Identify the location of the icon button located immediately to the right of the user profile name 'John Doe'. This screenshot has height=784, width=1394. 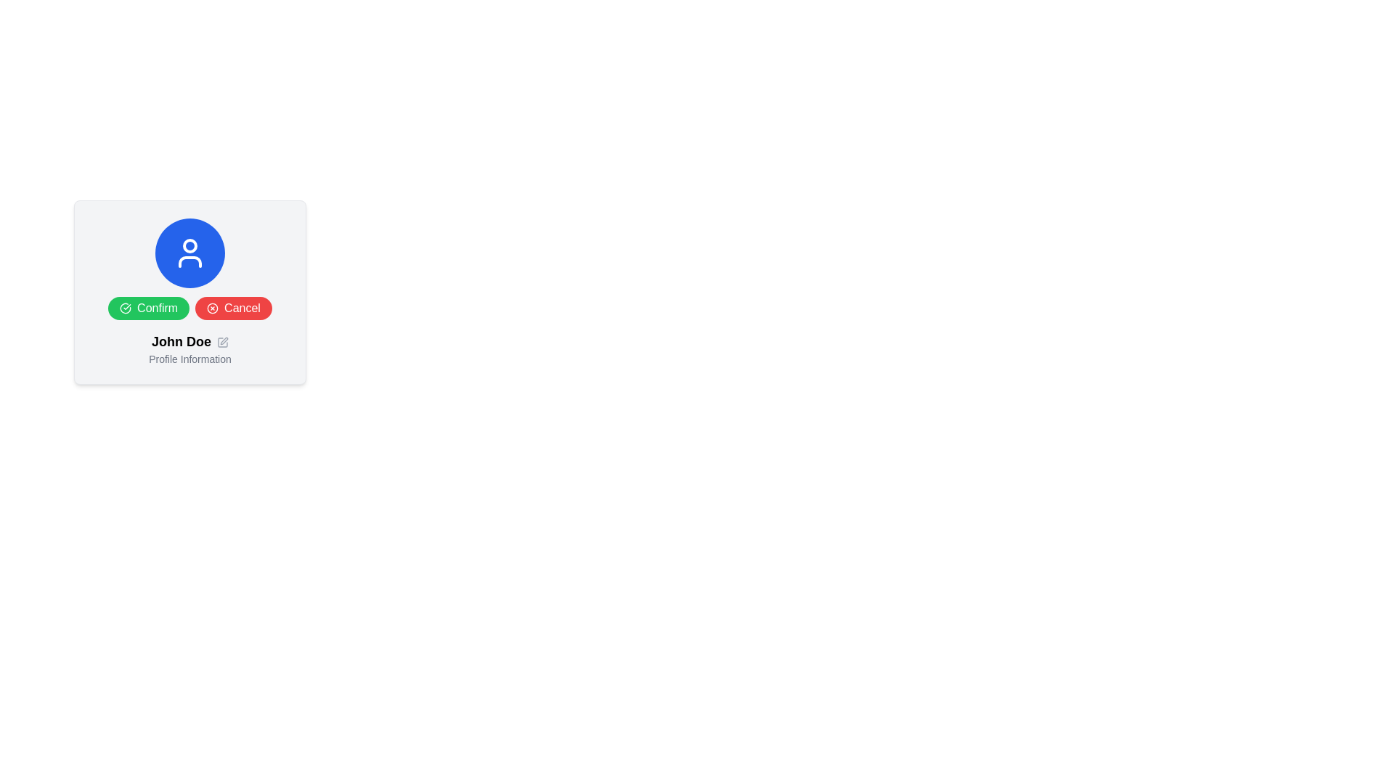
(222, 342).